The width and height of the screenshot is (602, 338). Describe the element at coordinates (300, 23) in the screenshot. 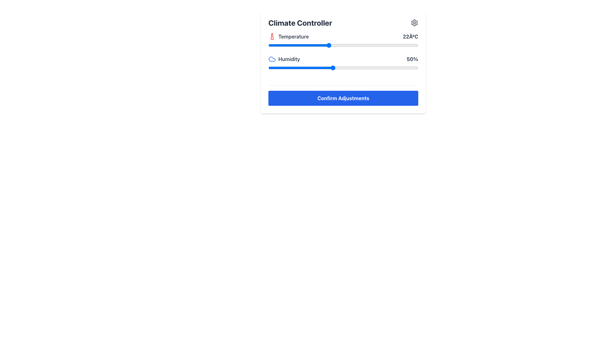

I see `the Text Label that serves as a title for its associated section, positioned to the left of a settings icon` at that location.